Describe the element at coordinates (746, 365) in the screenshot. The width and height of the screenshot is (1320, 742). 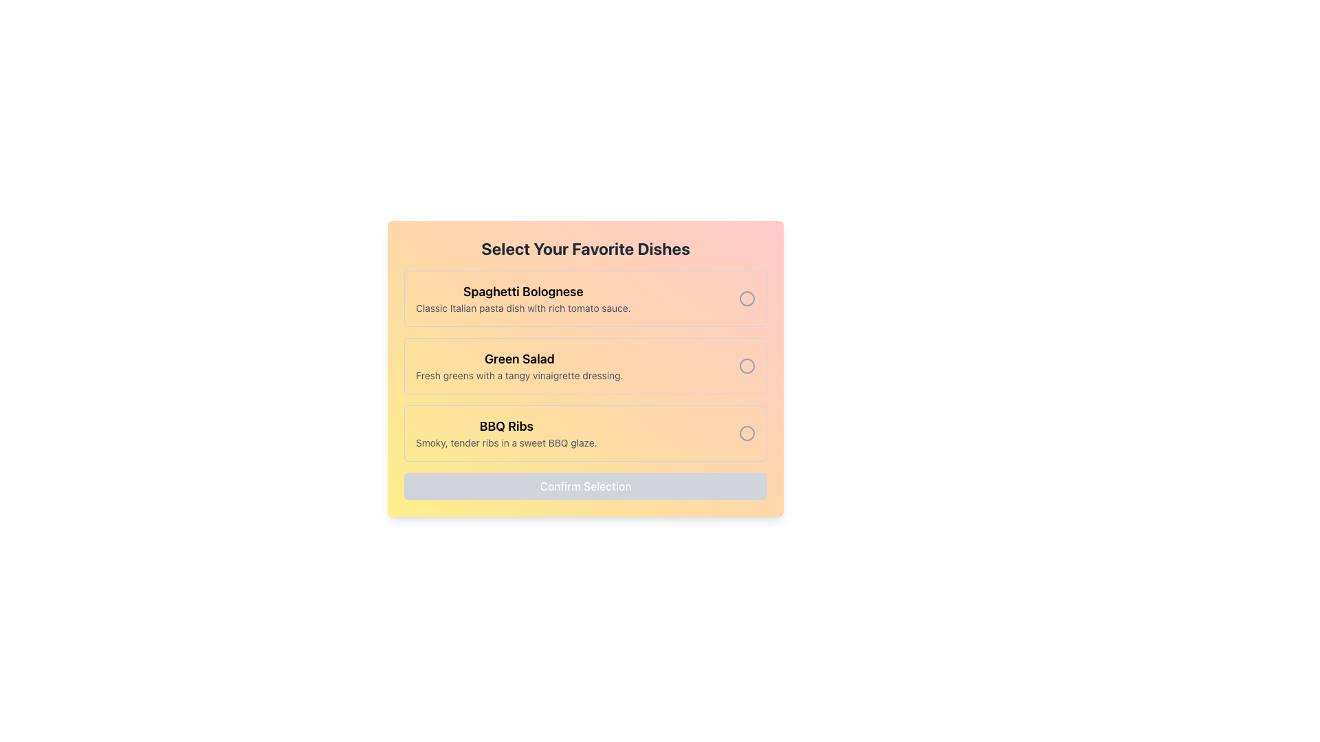
I see `the graphical indicator within the radio button that represents the selected state for the 'Green Salad' option, located on the right side of the option in the second row of the list` at that location.